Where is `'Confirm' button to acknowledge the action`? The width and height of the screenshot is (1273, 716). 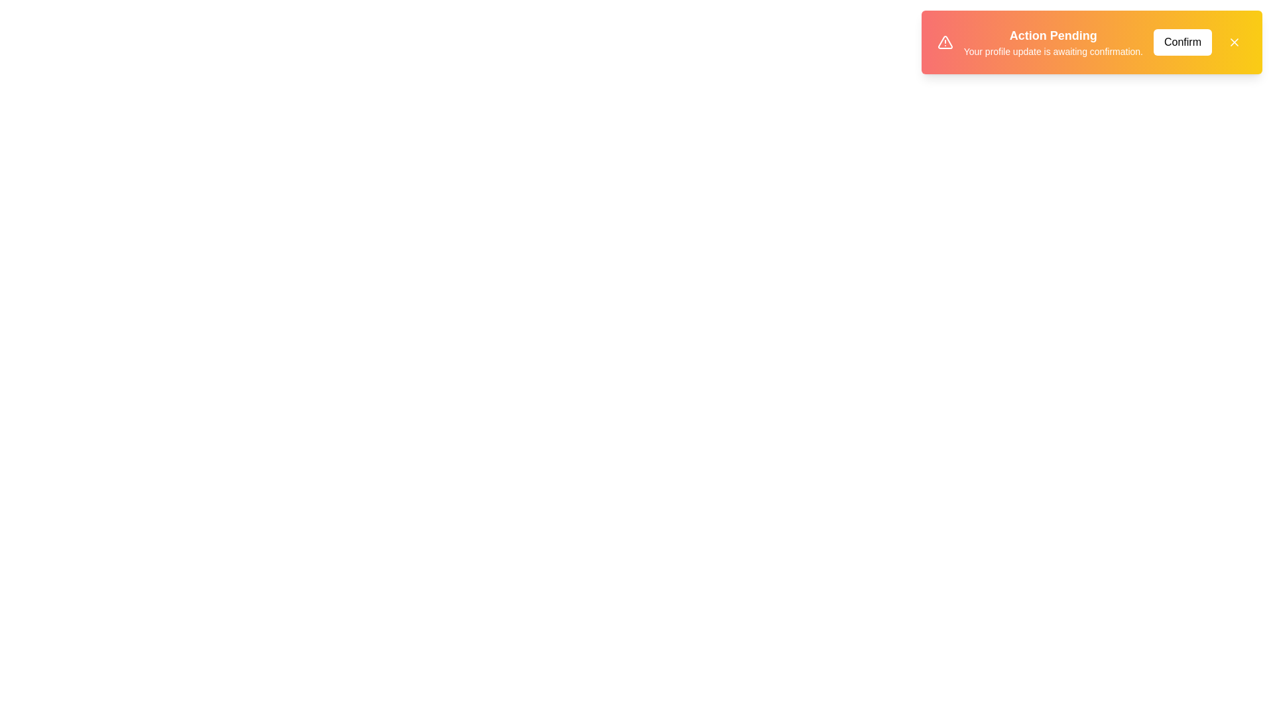
'Confirm' button to acknowledge the action is located at coordinates (1183, 42).